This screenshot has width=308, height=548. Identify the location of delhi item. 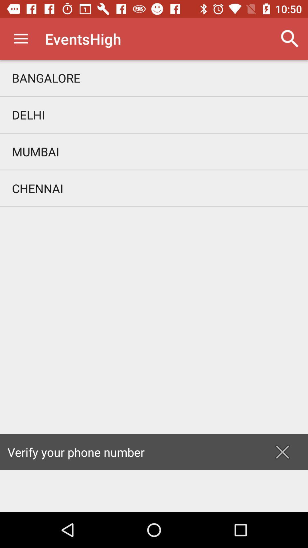
(154, 114).